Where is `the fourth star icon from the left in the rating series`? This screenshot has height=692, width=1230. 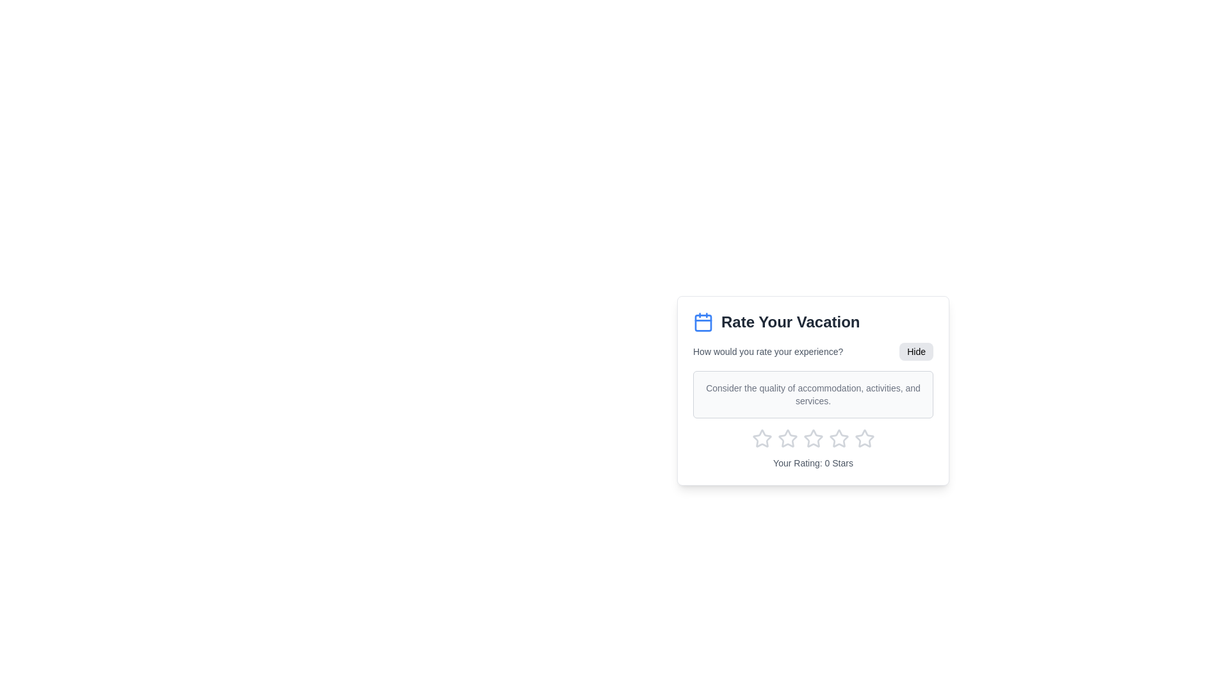 the fourth star icon from the left in the rating series is located at coordinates (812, 438).